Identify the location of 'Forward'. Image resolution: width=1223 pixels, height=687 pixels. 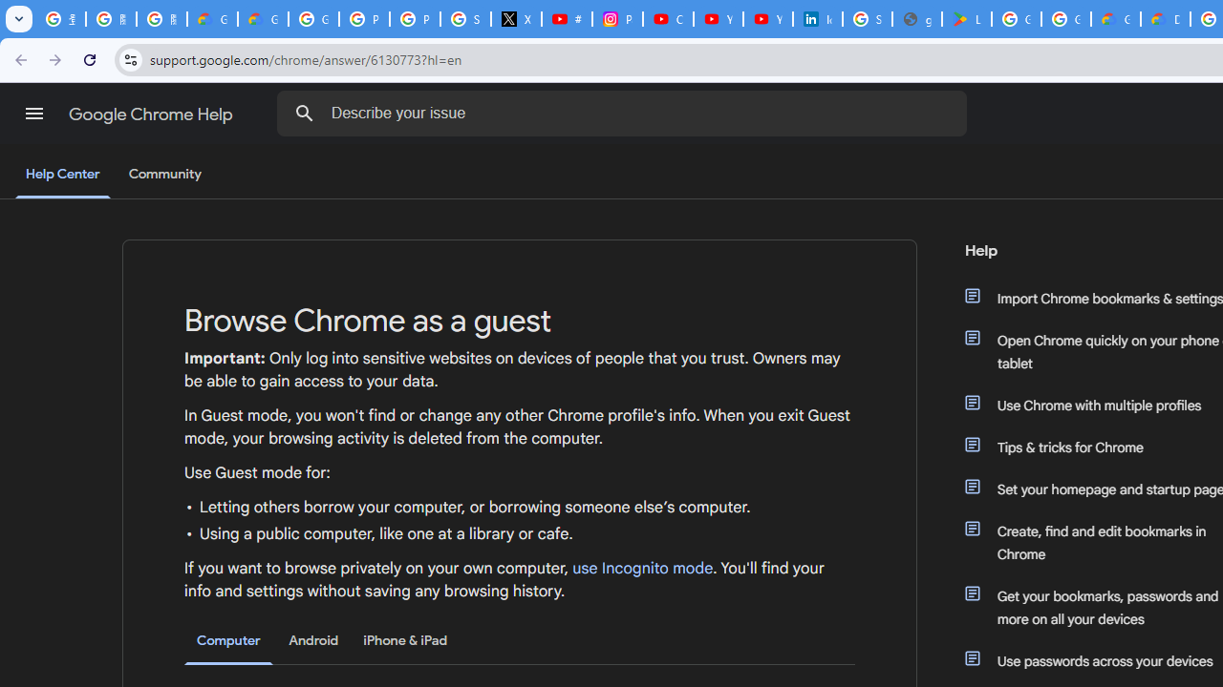
(55, 58).